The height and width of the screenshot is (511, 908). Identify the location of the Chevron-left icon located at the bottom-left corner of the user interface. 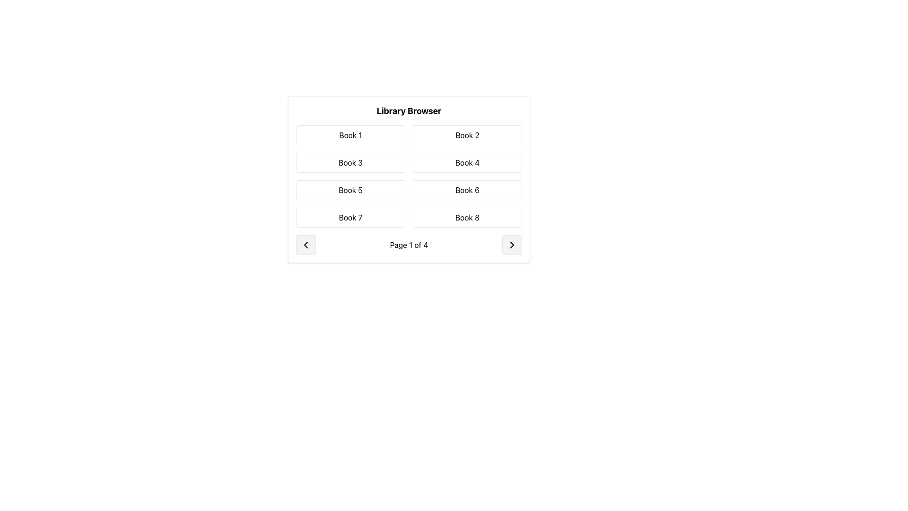
(306, 244).